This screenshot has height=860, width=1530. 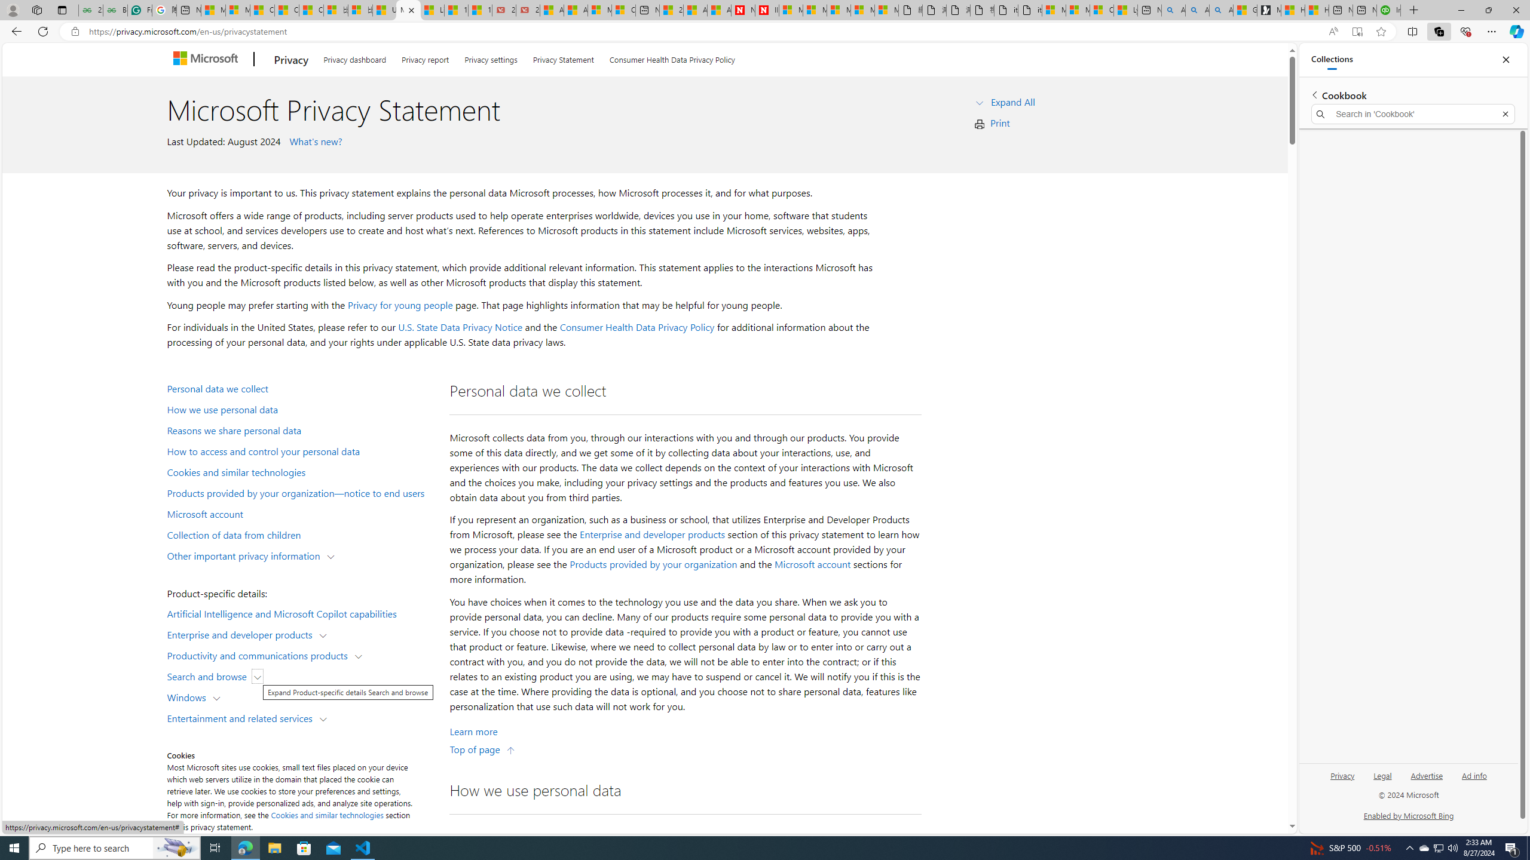 What do you see at coordinates (432, 10) in the screenshot?
I see `'Lifestyle - MSN'` at bounding box center [432, 10].